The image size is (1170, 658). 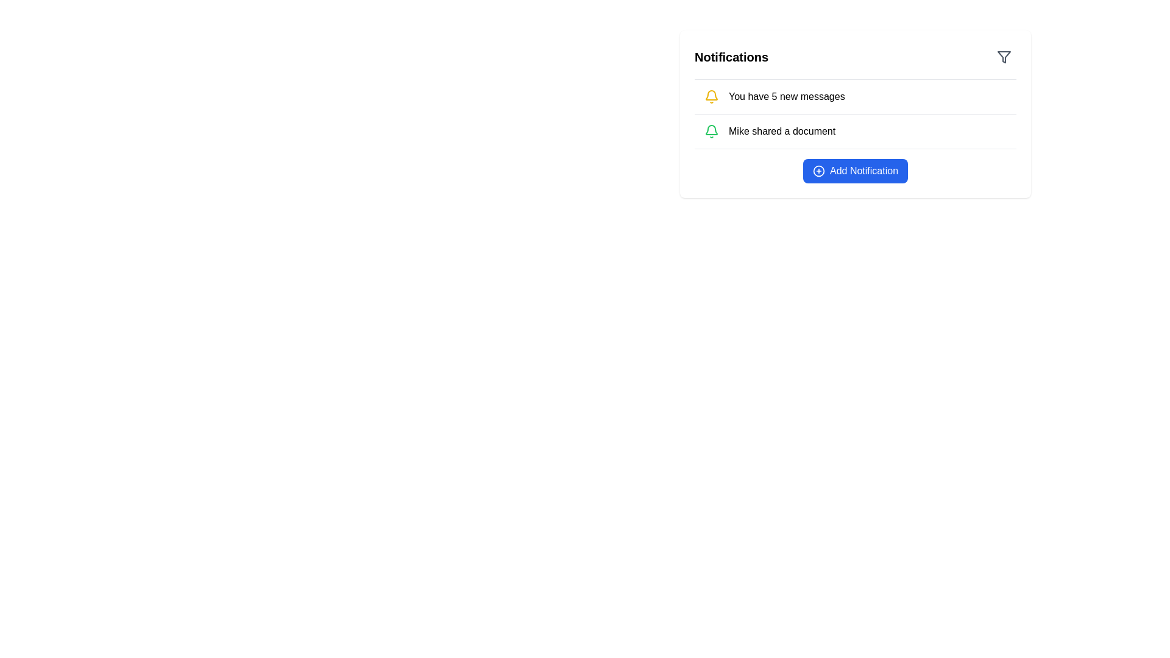 What do you see at coordinates (787, 96) in the screenshot?
I see `notification text that states 'You have 5 new messages', which is positioned next to a yellow bell icon in the notification list` at bounding box center [787, 96].